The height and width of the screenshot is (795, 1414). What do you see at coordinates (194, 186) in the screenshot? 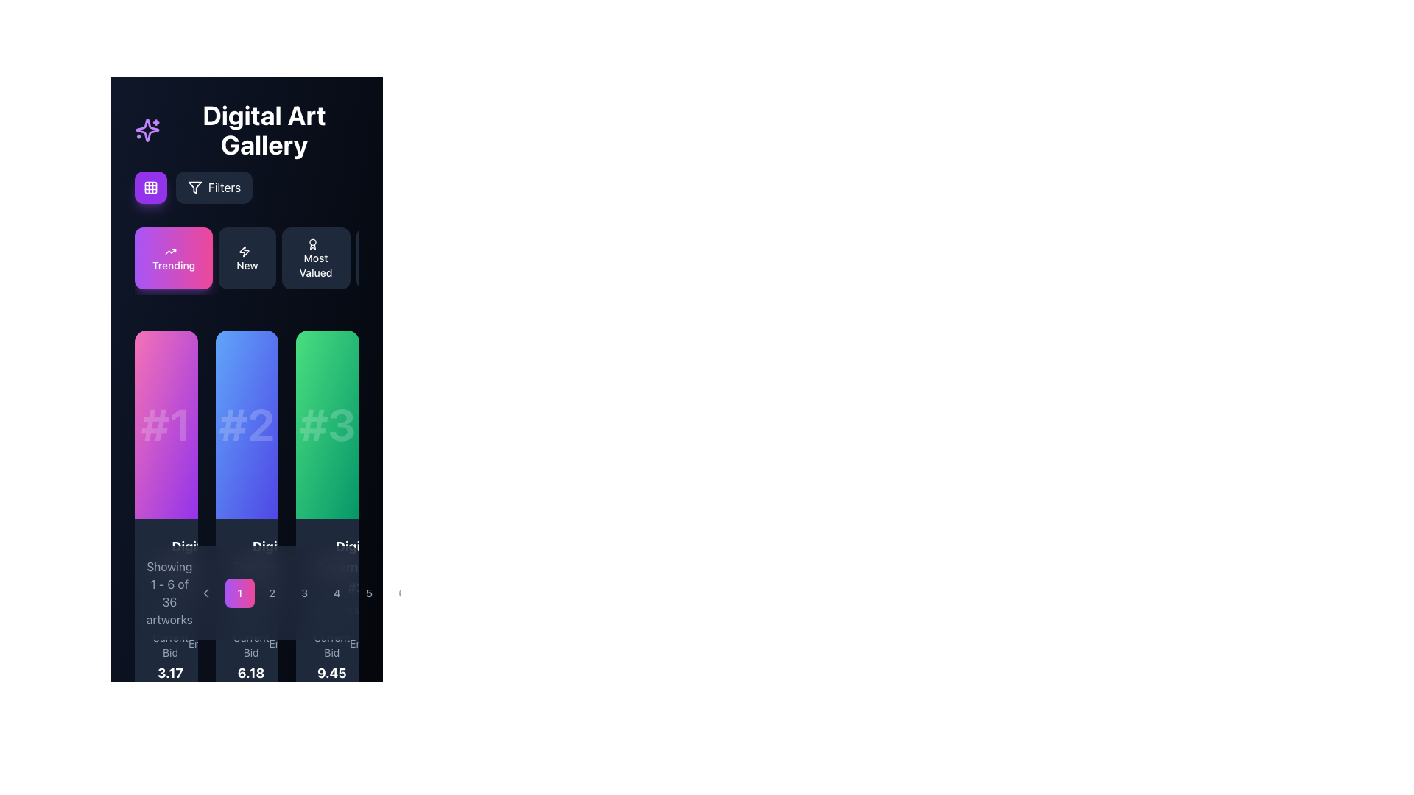
I see `the filter settings SVG icon located at the top right corner of the interface to apply or configure filters` at bounding box center [194, 186].